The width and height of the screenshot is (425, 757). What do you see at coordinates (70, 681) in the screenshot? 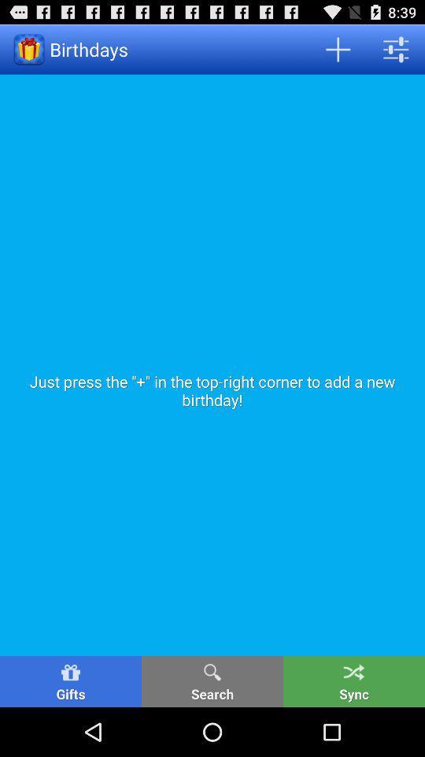
I see `icon next to the search item` at bounding box center [70, 681].